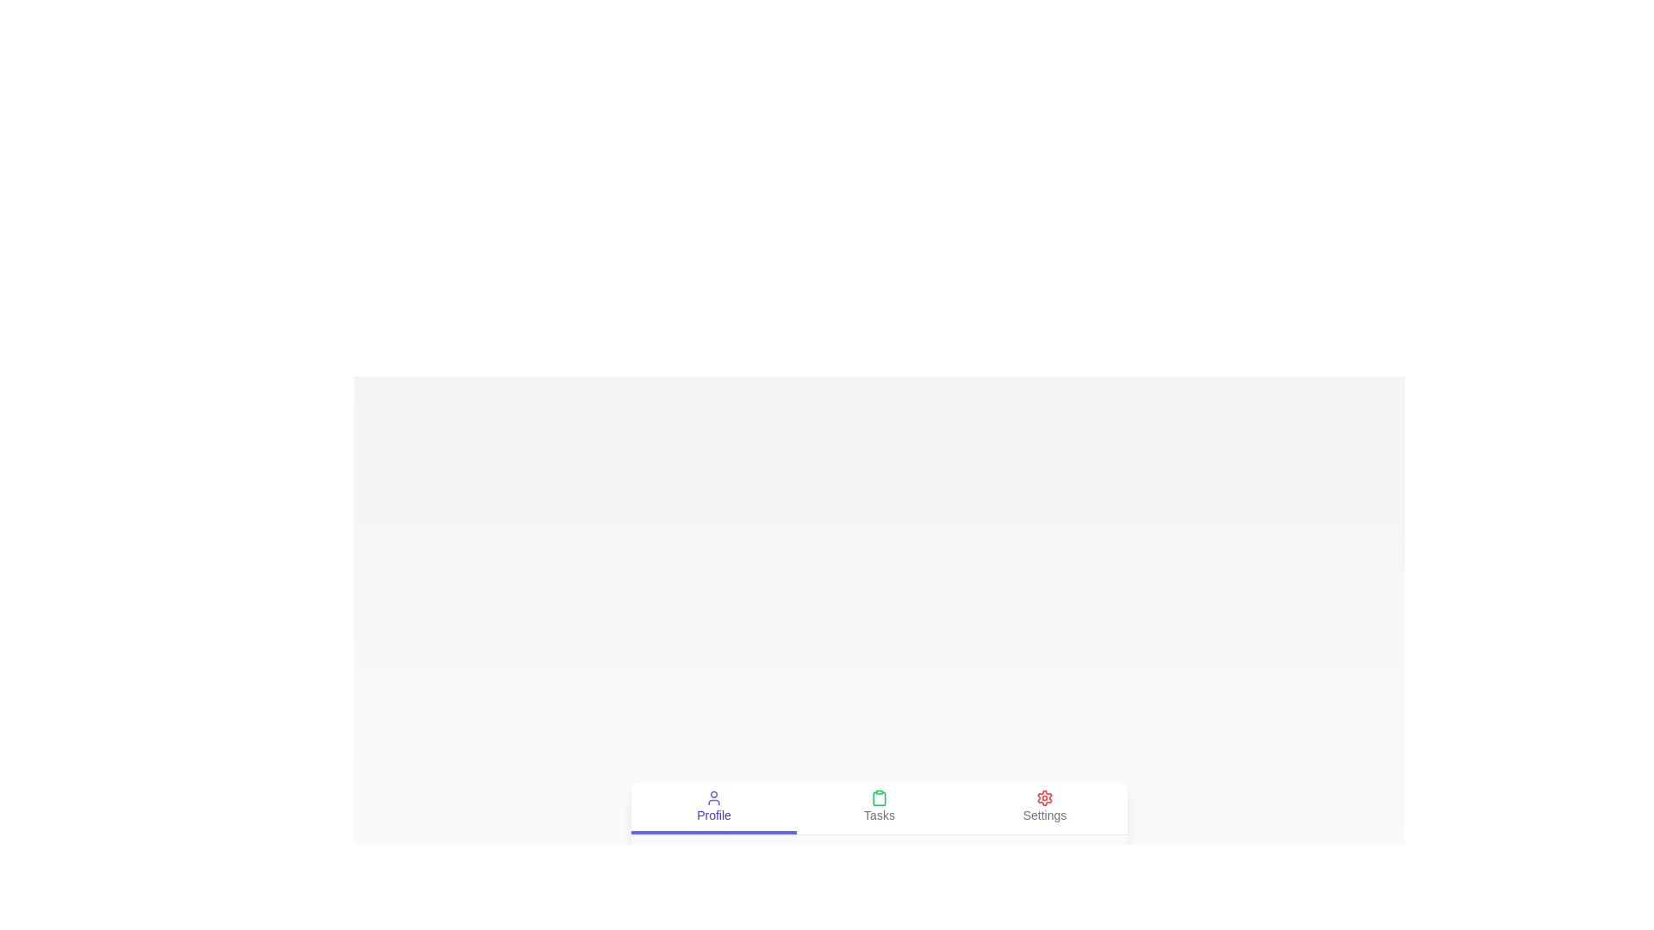 This screenshot has height=930, width=1654. Describe the element at coordinates (880, 808) in the screenshot. I see `the tab labeled Tasks by clicking on it` at that location.